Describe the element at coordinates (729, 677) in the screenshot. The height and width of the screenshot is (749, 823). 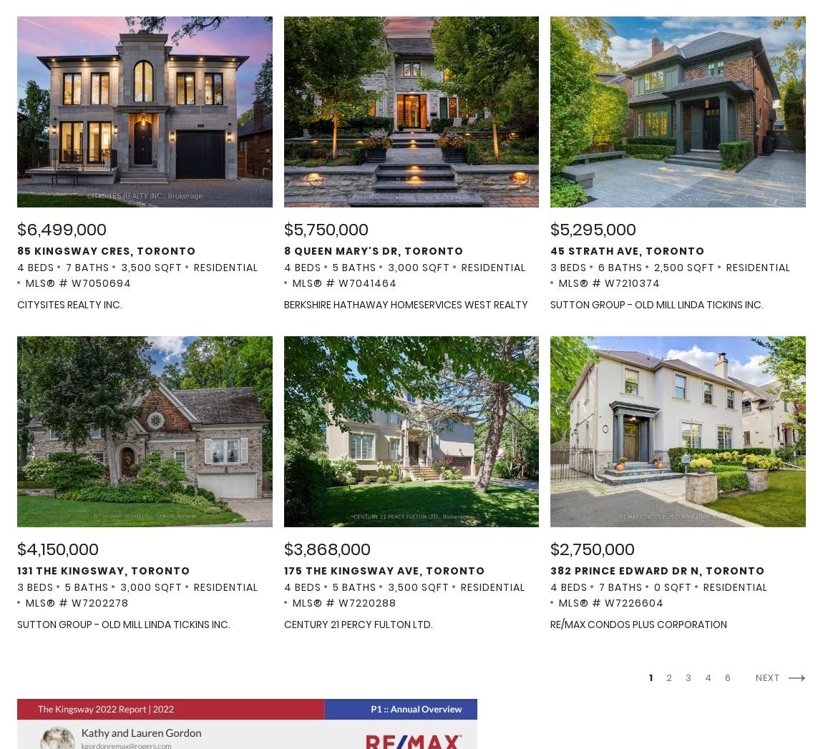
I see `'6'` at that location.